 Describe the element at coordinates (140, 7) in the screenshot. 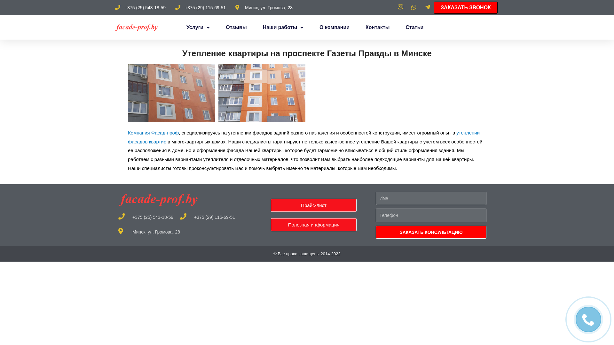

I see `'+375 (25) 543-18-59'` at that location.